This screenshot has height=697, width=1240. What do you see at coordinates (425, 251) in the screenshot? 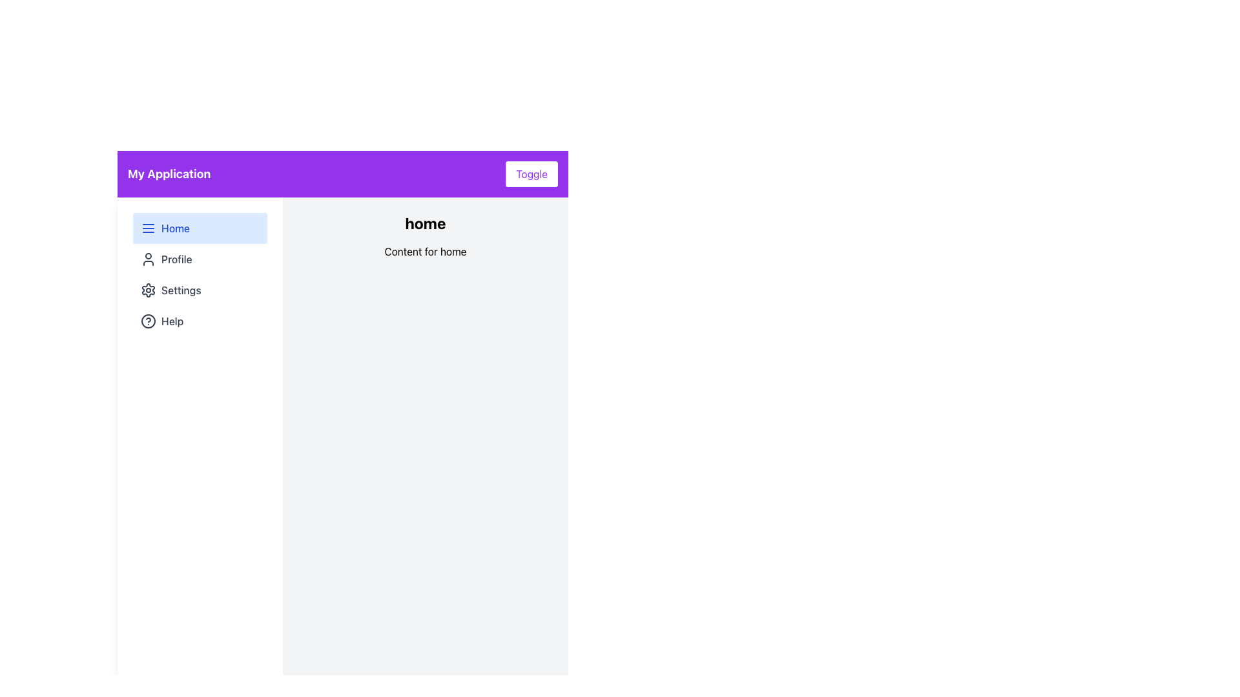
I see `the text element displaying 'Content for home', which is located beneath the bold heading 'home'` at bounding box center [425, 251].